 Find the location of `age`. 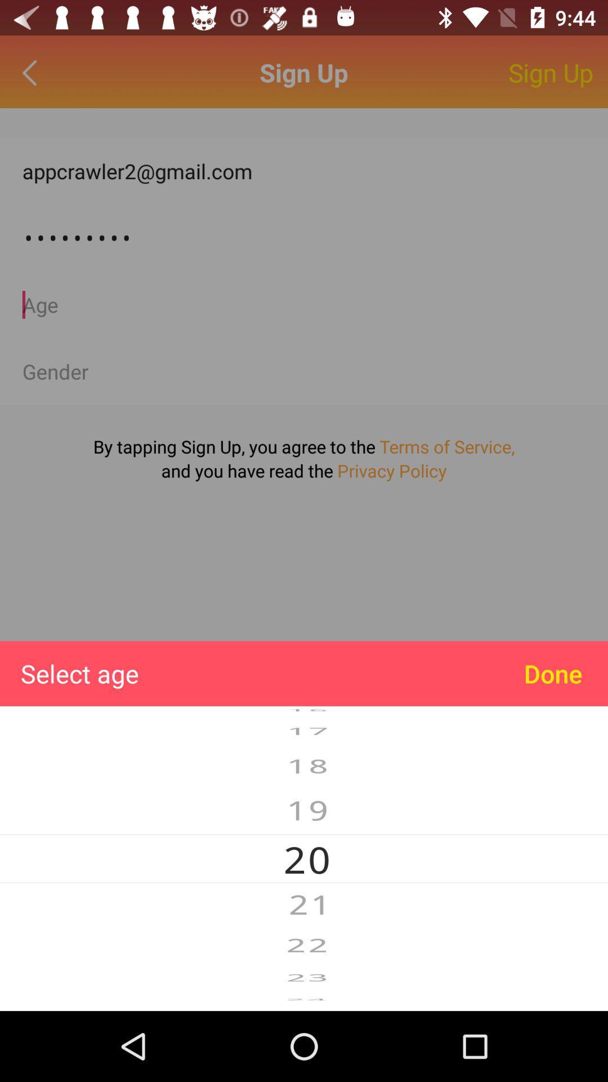

age is located at coordinates (304, 304).